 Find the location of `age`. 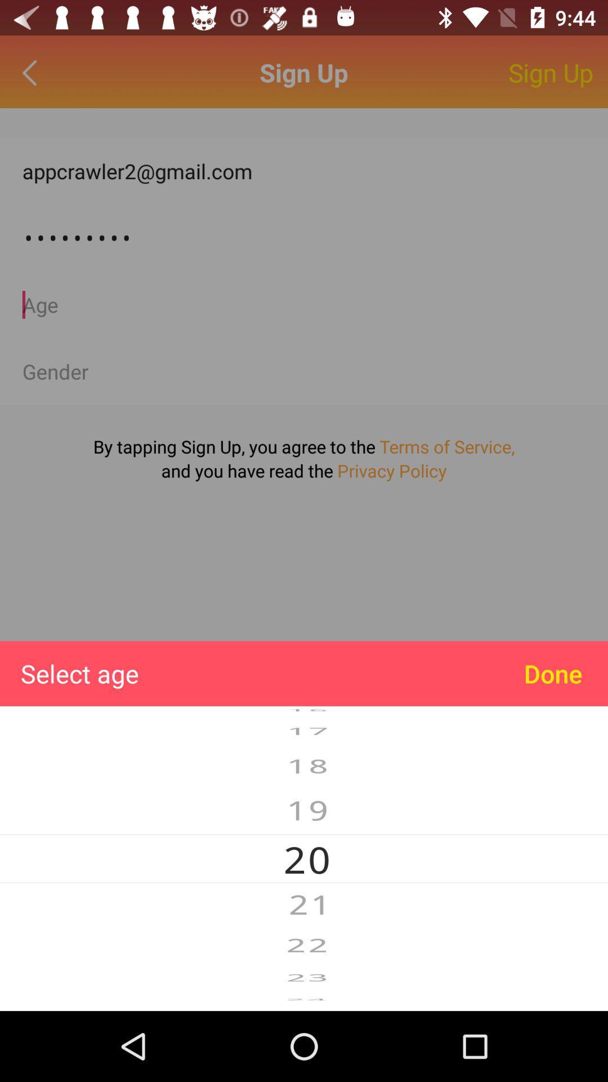

age is located at coordinates (304, 304).